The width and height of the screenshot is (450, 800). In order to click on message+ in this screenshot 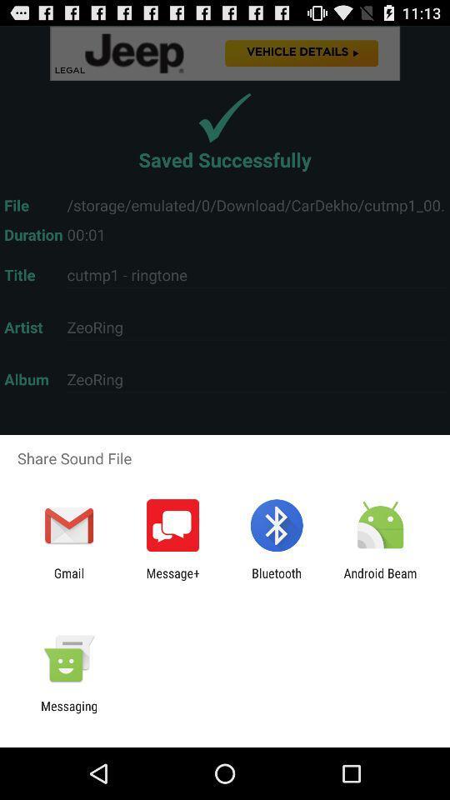, I will do `click(172, 580)`.